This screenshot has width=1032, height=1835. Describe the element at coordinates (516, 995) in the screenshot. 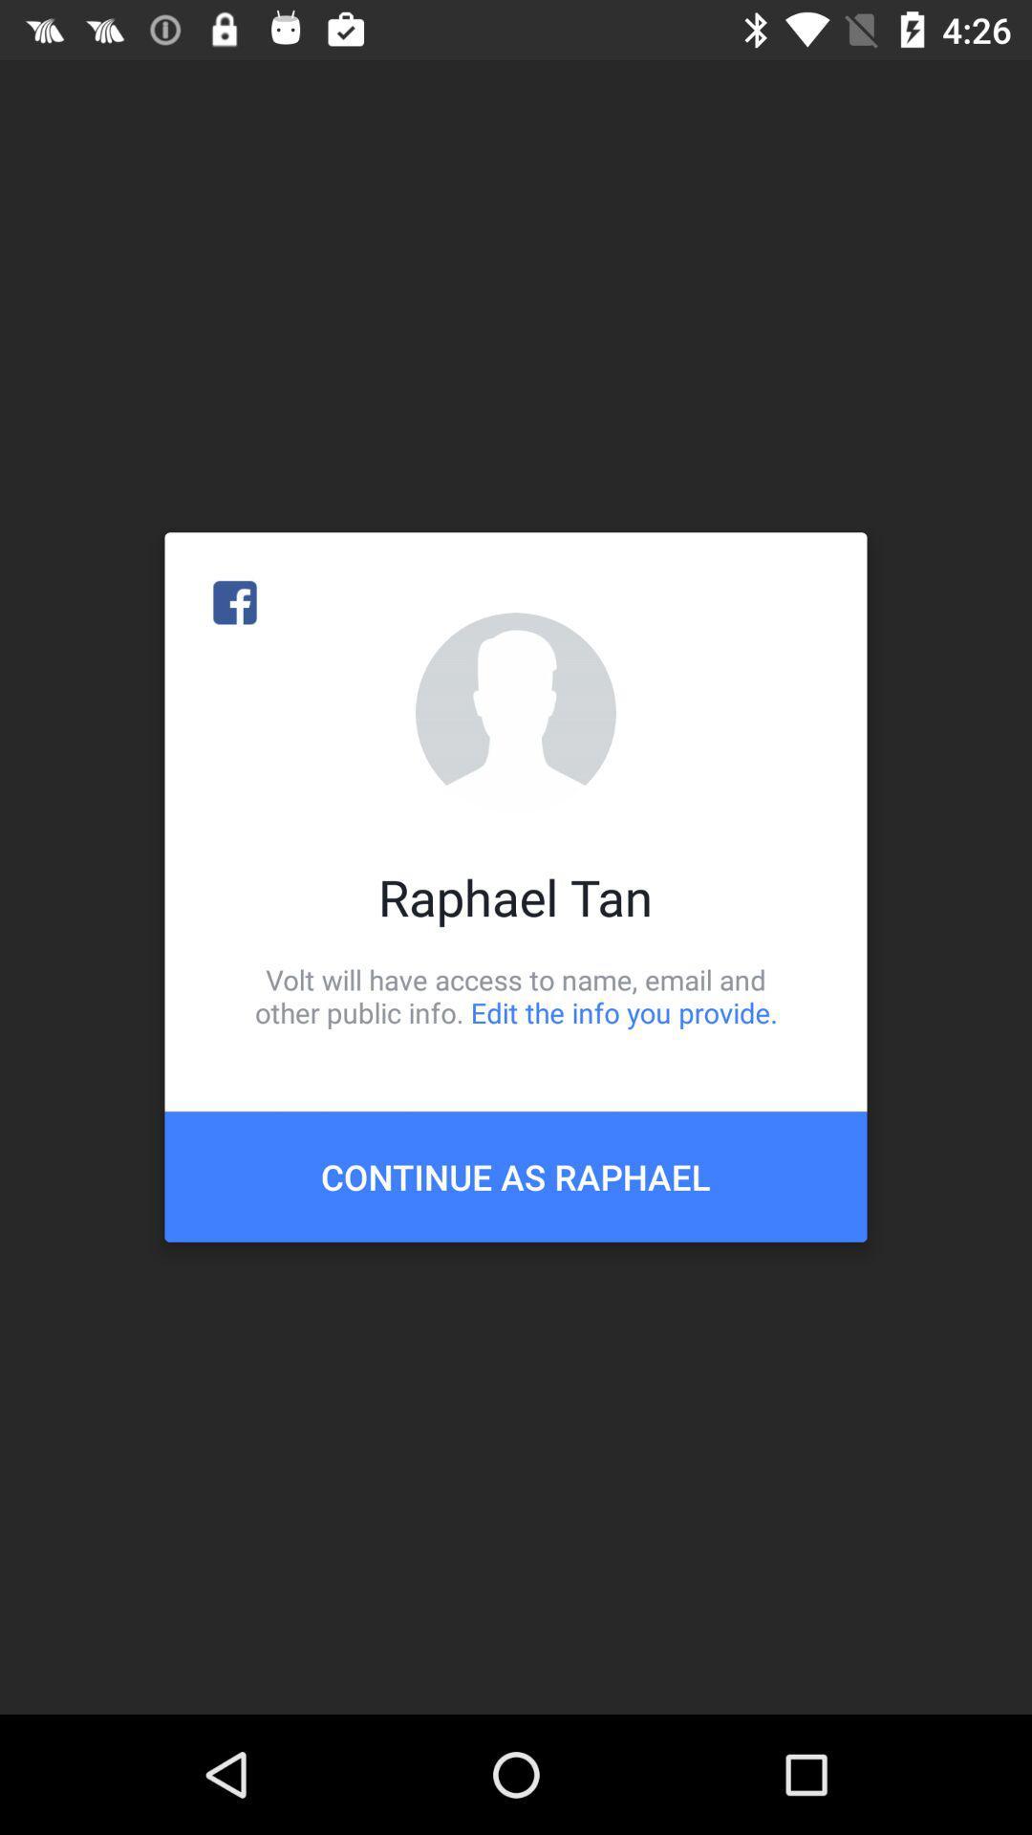

I see `item above the continue as raphael item` at that location.